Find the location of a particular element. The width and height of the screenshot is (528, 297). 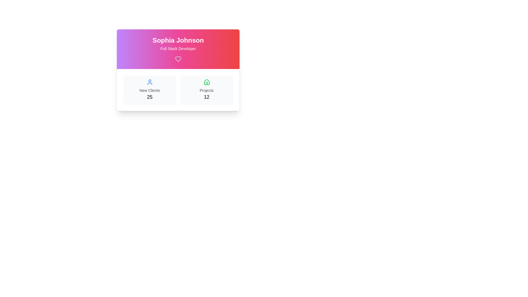

the text displaying 'Sophia Johnson' in bold white font, located at the top center of the profile card with a vibrant gradient background is located at coordinates (178, 40).